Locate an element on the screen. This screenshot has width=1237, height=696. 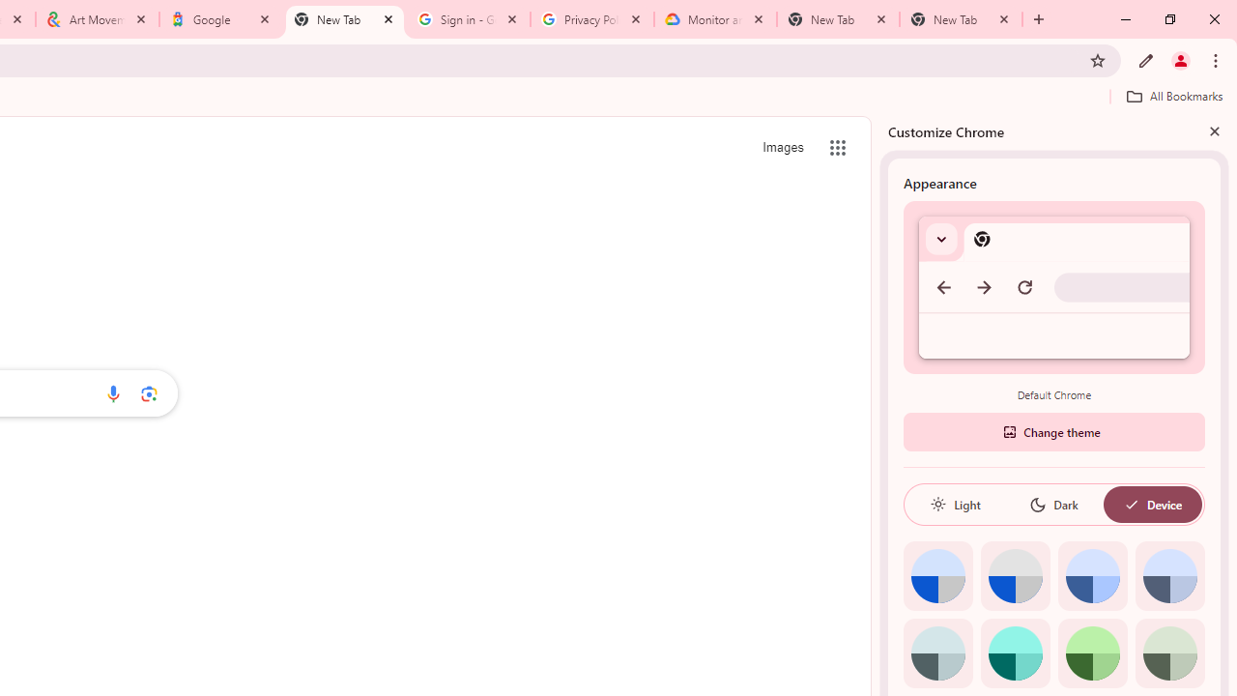
'Grey default color' is located at coordinates (1014, 575).